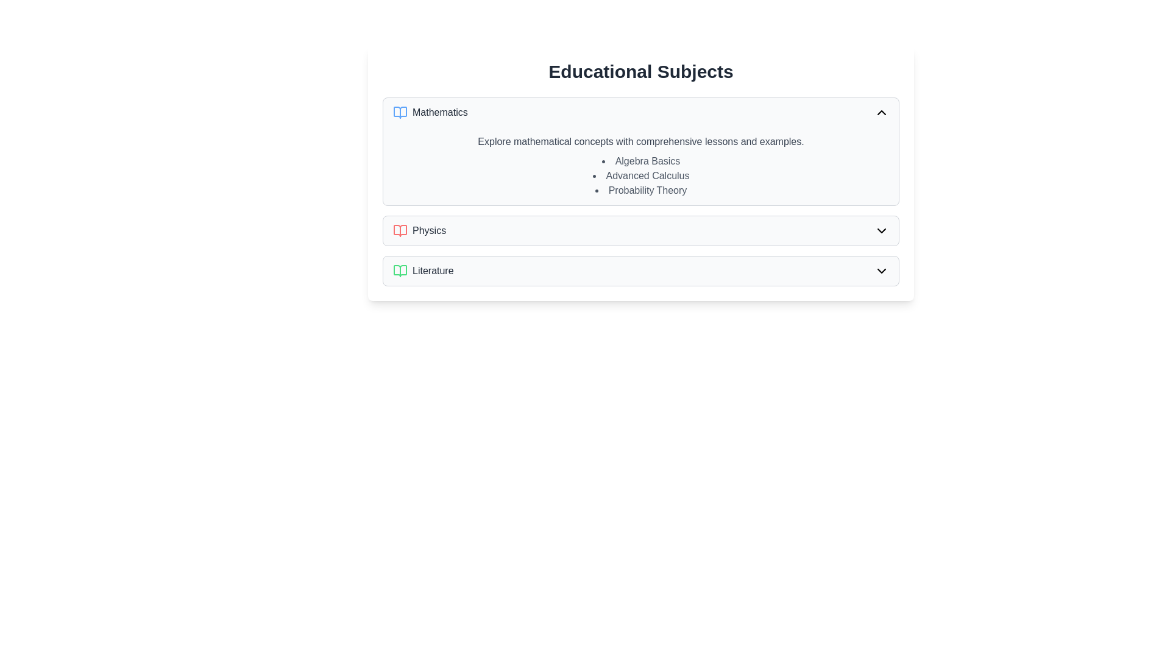  I want to click on the dropdown arrow on the 'Literature' section, so click(640, 270).